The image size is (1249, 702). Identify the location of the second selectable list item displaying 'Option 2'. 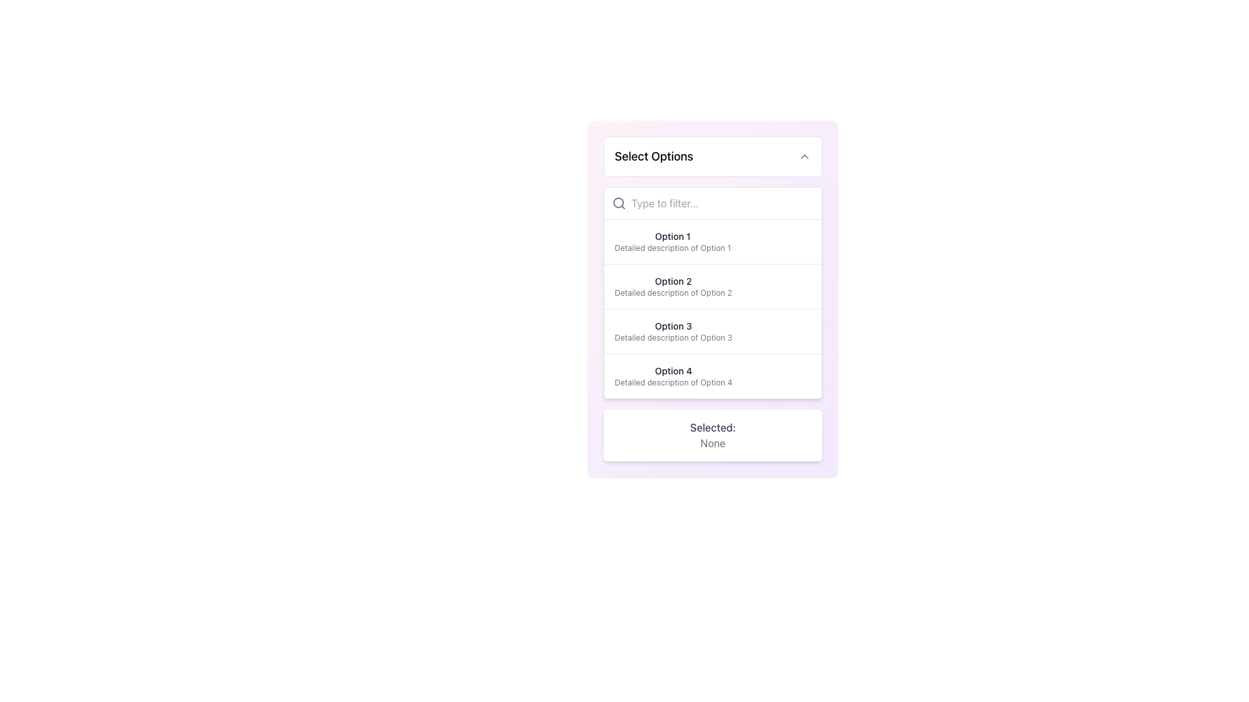
(673, 285).